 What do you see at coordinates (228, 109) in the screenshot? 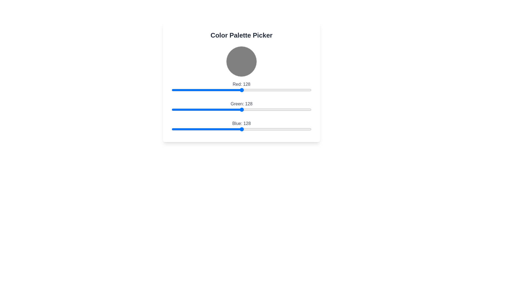
I see `the green value` at bounding box center [228, 109].